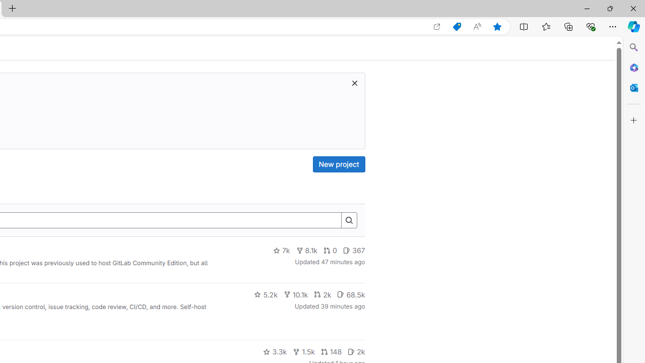 The width and height of the screenshot is (645, 363). Describe the element at coordinates (354, 82) in the screenshot. I see `'Dismiss trial promotion'` at that location.